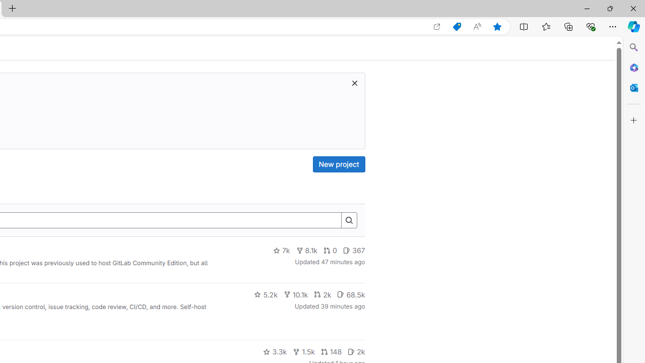 The width and height of the screenshot is (645, 363). Describe the element at coordinates (354, 82) in the screenshot. I see `'Dismiss trial promotion'` at that location.